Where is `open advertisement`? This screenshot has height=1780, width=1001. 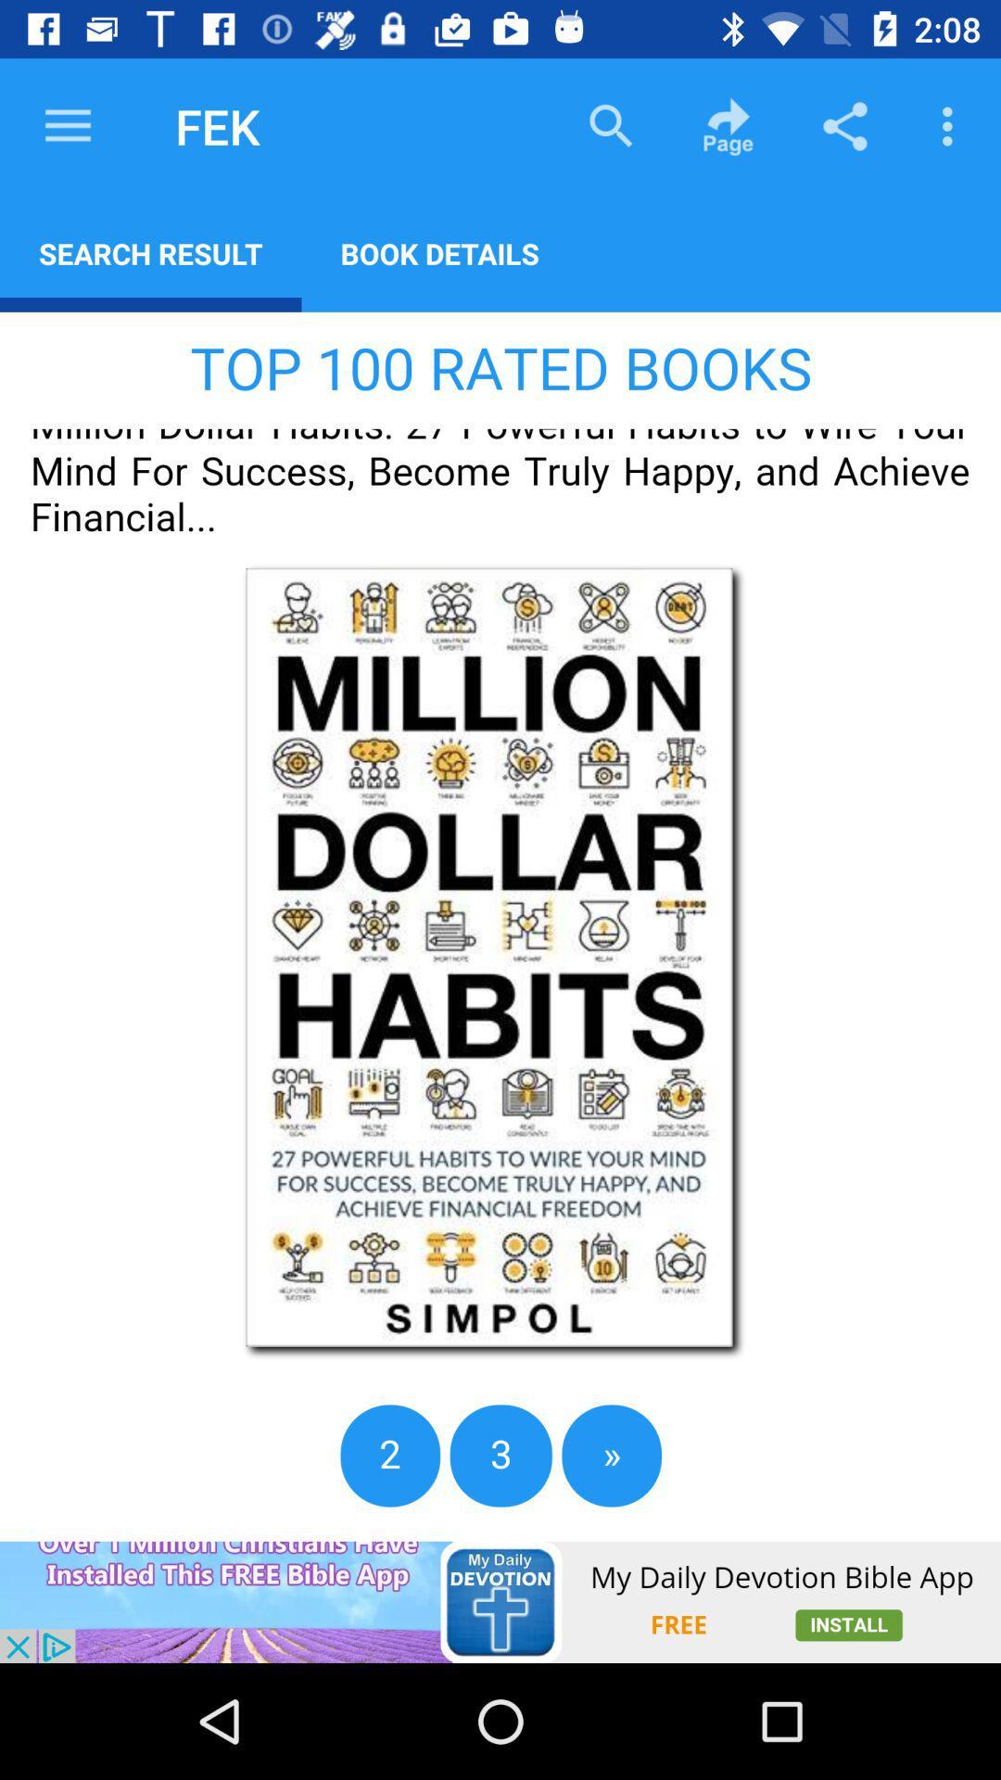 open advertisement is located at coordinates (500, 1601).